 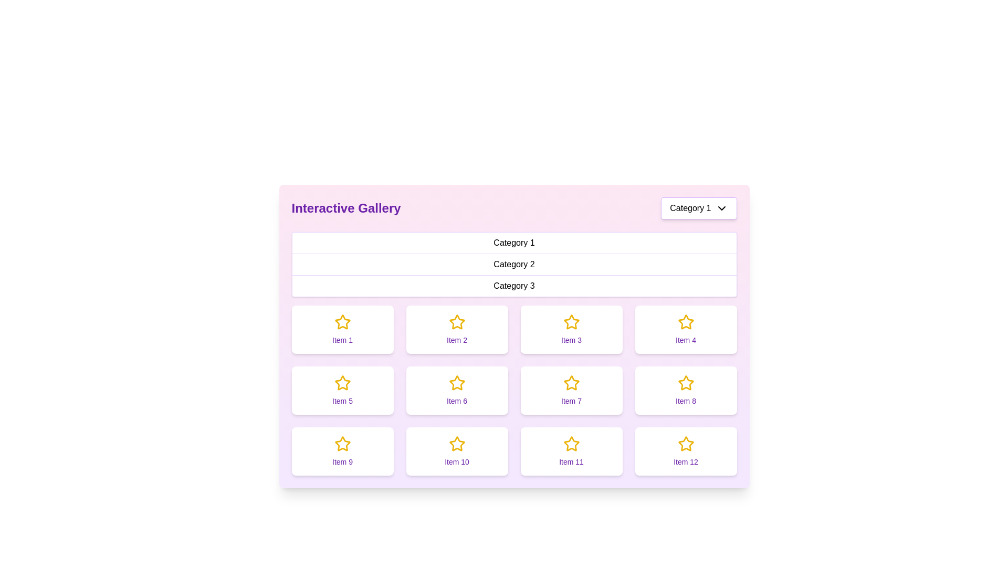 What do you see at coordinates (342, 461) in the screenshot?
I see `the text label located in the bottom-left section of the ninth tile in the grid layout, which is directly below the star icon` at bounding box center [342, 461].